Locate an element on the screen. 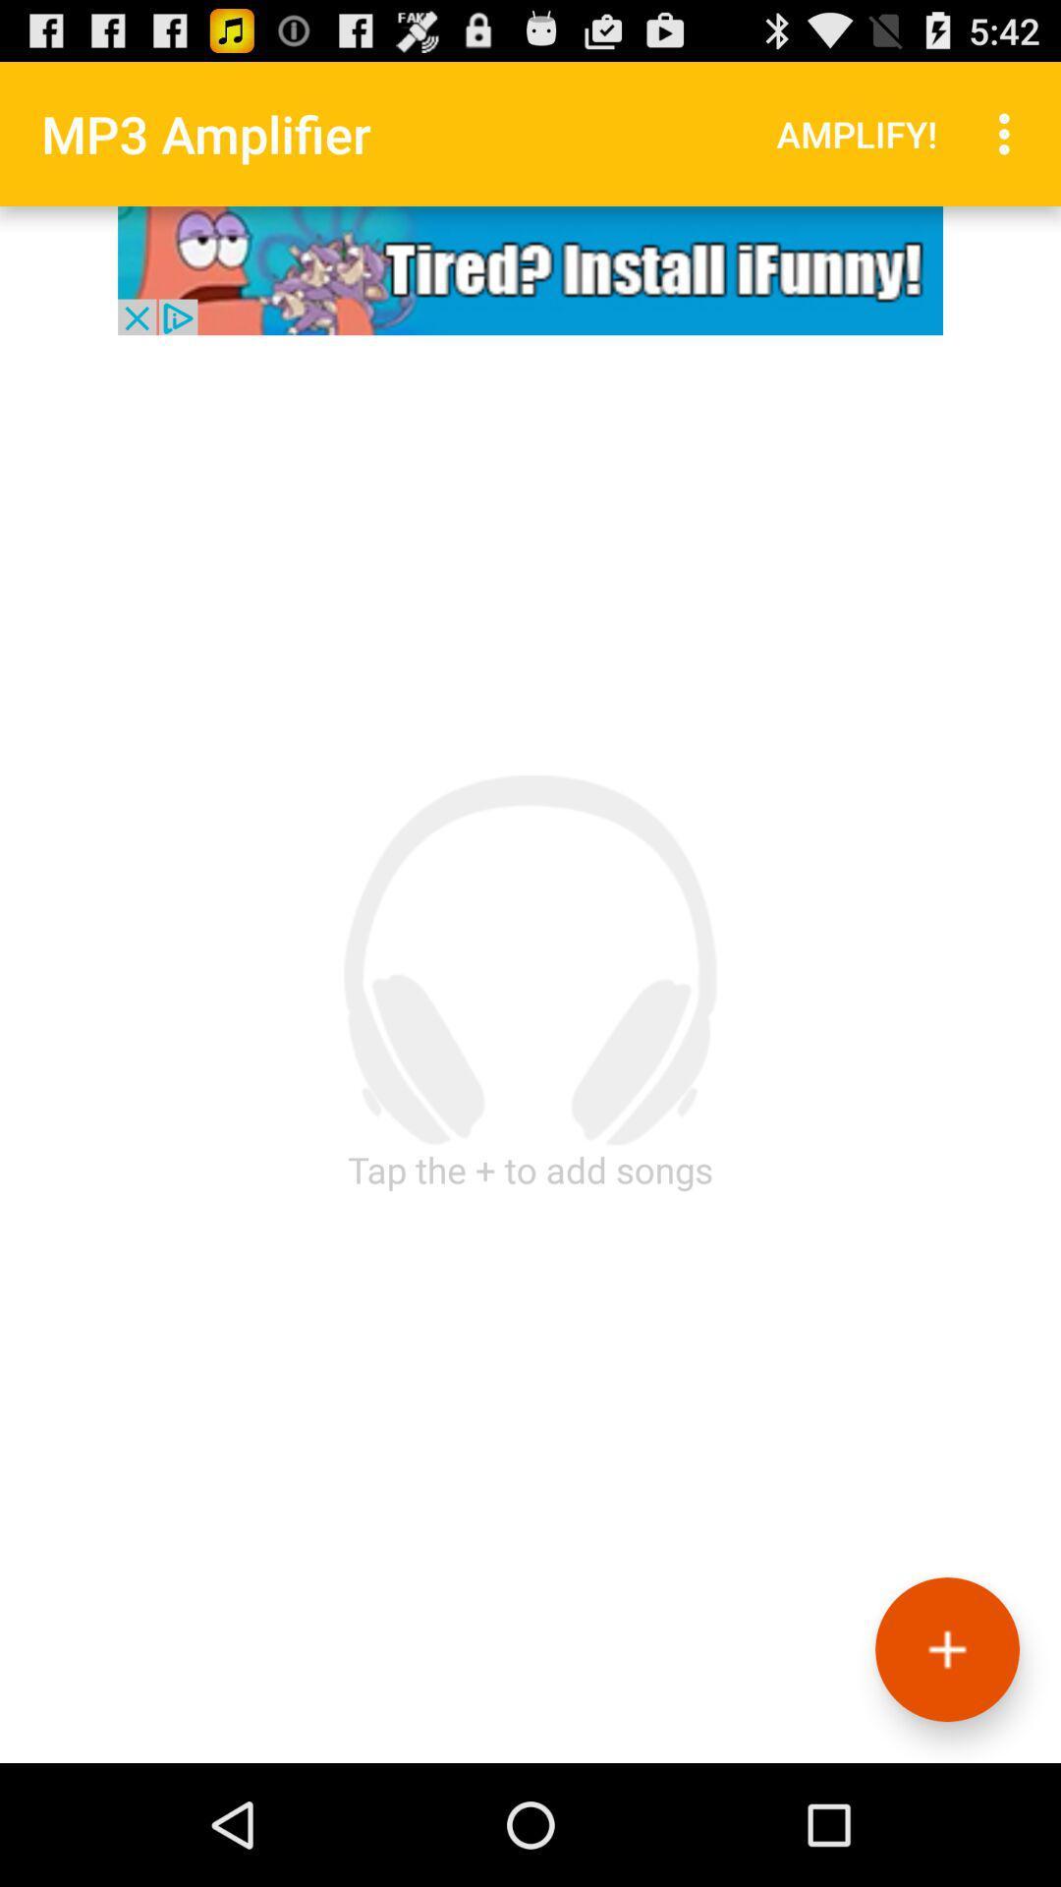 The image size is (1061, 1887). the add icon is located at coordinates (946, 1765).